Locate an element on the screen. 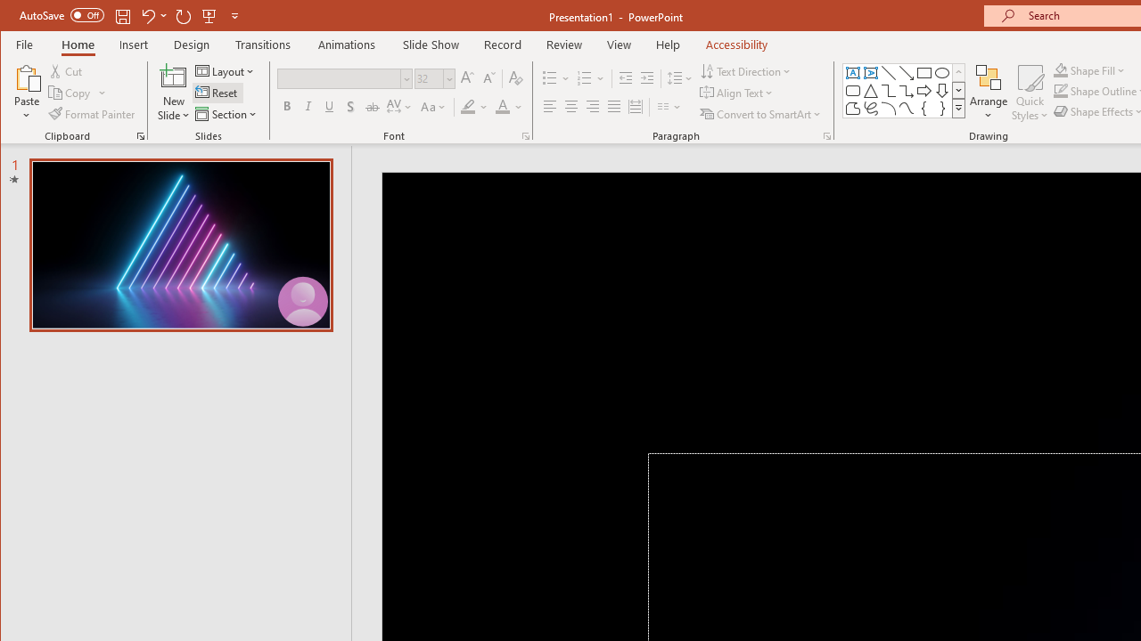  'Font Color Red' is located at coordinates (501, 107).